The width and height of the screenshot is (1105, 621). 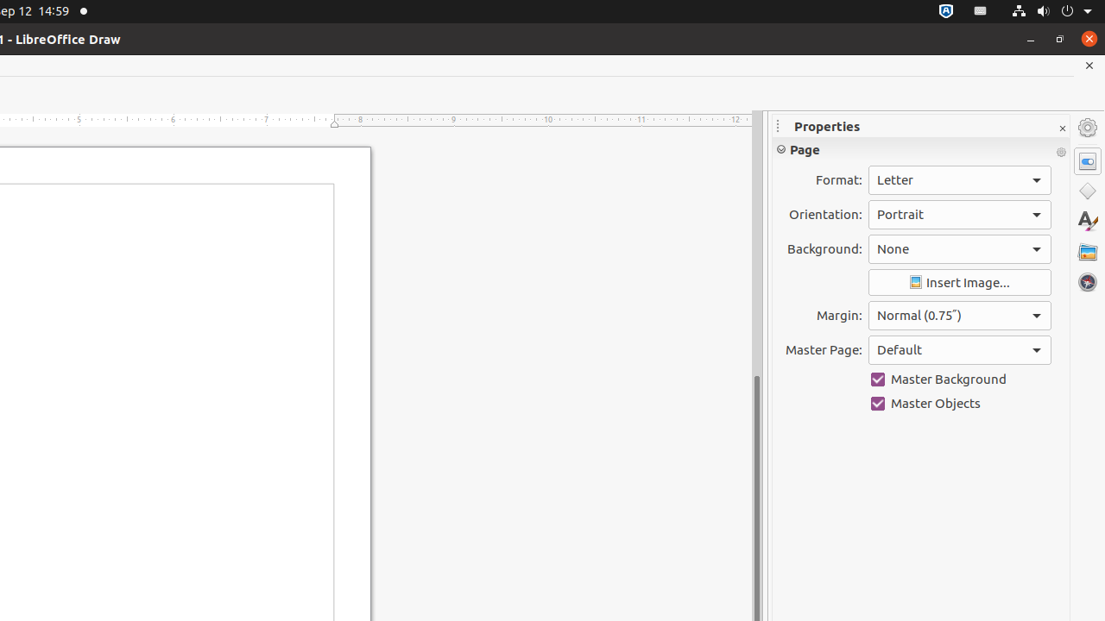 What do you see at coordinates (1051, 11) in the screenshot?
I see `'System'` at bounding box center [1051, 11].